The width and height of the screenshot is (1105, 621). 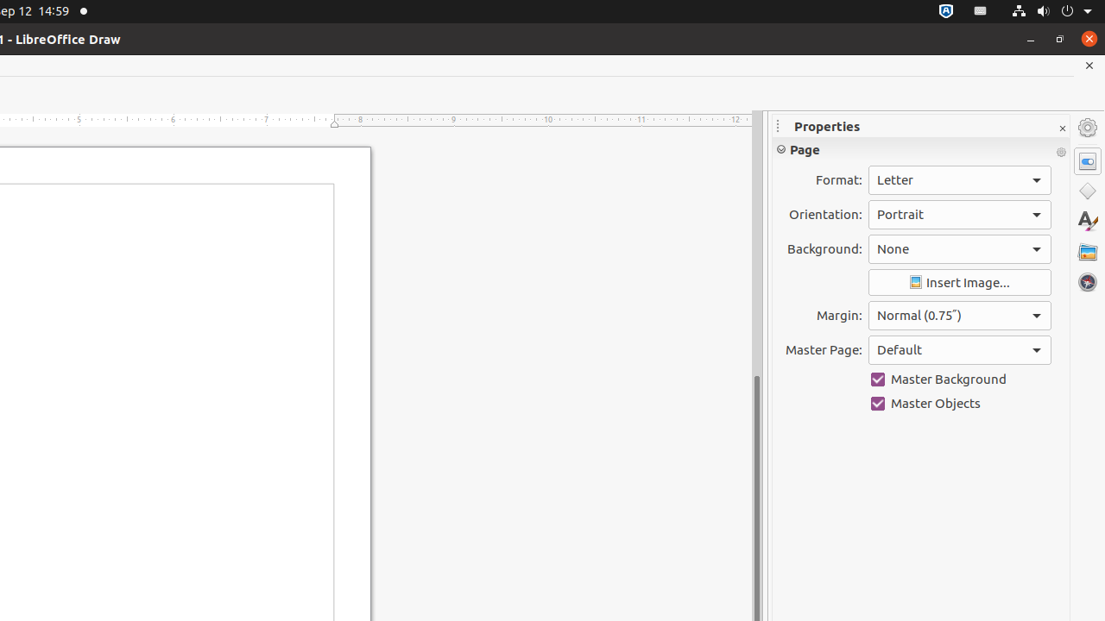 What do you see at coordinates (1051, 11) in the screenshot?
I see `'System'` at bounding box center [1051, 11].